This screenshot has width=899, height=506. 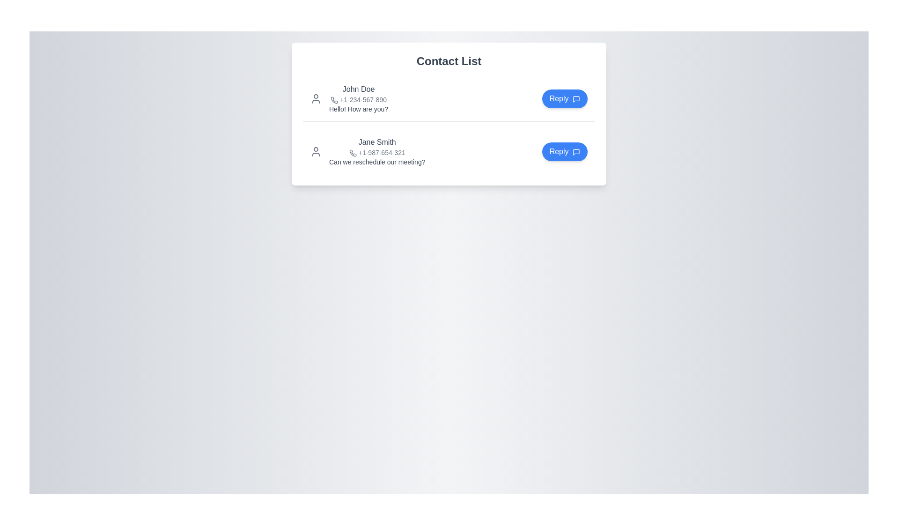 I want to click on the phone number '+1-987-654-321' which is styled in light gray font and located in the contact list, following 'Jane Smith' and above the message about rescheduling the meeting, to initiate a call, so click(x=377, y=152).